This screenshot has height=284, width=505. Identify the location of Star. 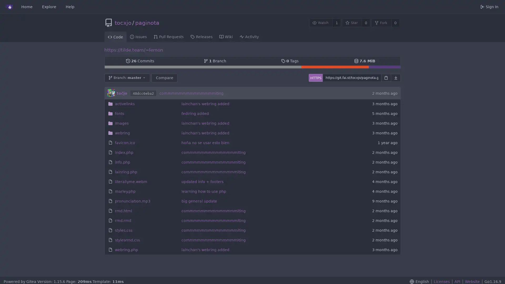
(352, 22).